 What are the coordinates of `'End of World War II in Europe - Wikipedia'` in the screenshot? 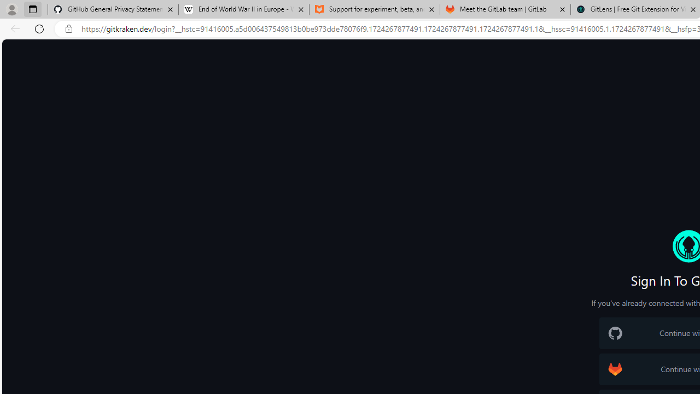 It's located at (243, 9).